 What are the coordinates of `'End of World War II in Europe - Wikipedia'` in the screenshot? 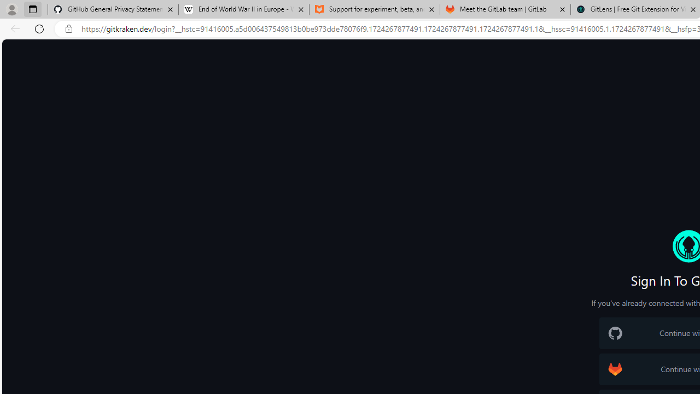 It's located at (243, 9).